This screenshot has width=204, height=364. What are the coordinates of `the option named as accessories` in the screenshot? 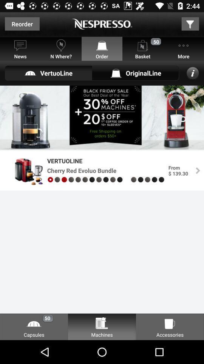 It's located at (170, 326).